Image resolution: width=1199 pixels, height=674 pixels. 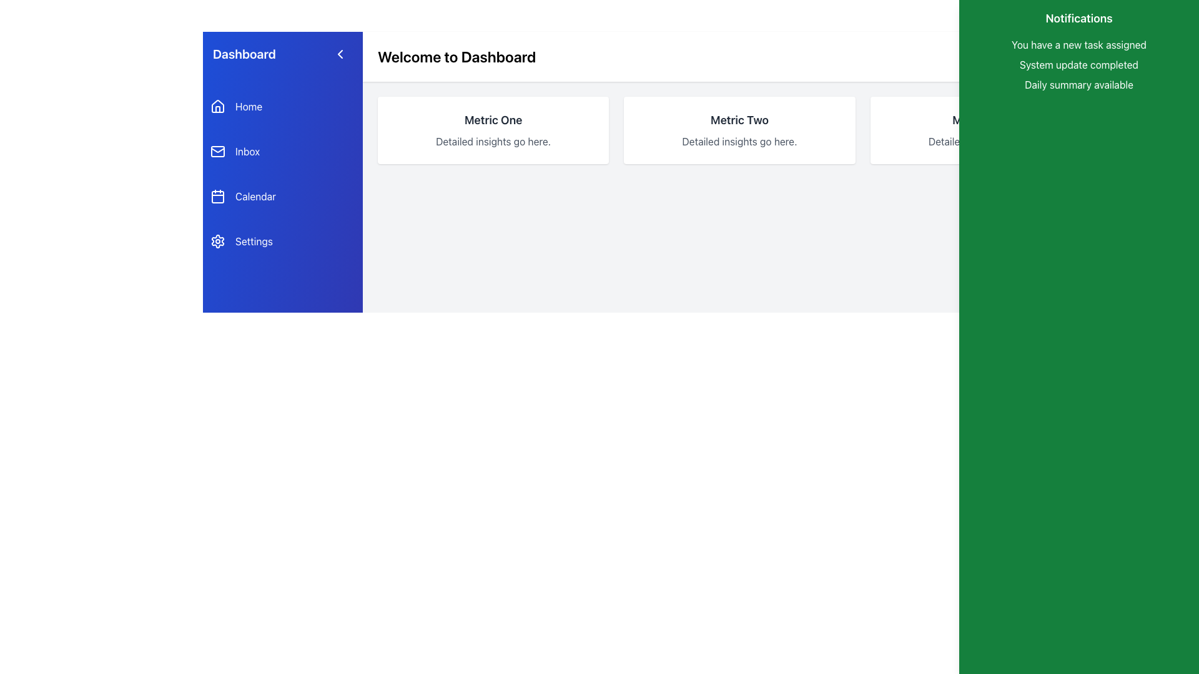 I want to click on the house icon button in the left-side navigation menu, so click(x=218, y=105).